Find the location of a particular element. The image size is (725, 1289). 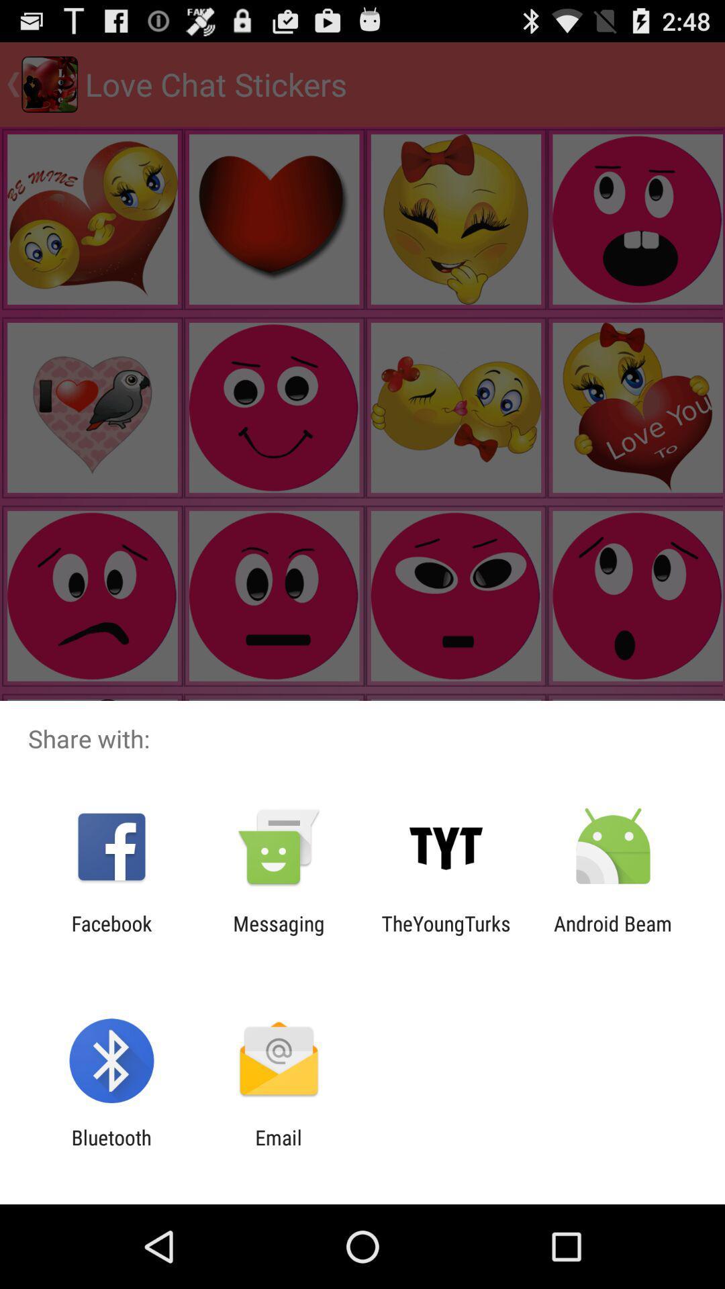

the app next to email app is located at coordinates (111, 1149).